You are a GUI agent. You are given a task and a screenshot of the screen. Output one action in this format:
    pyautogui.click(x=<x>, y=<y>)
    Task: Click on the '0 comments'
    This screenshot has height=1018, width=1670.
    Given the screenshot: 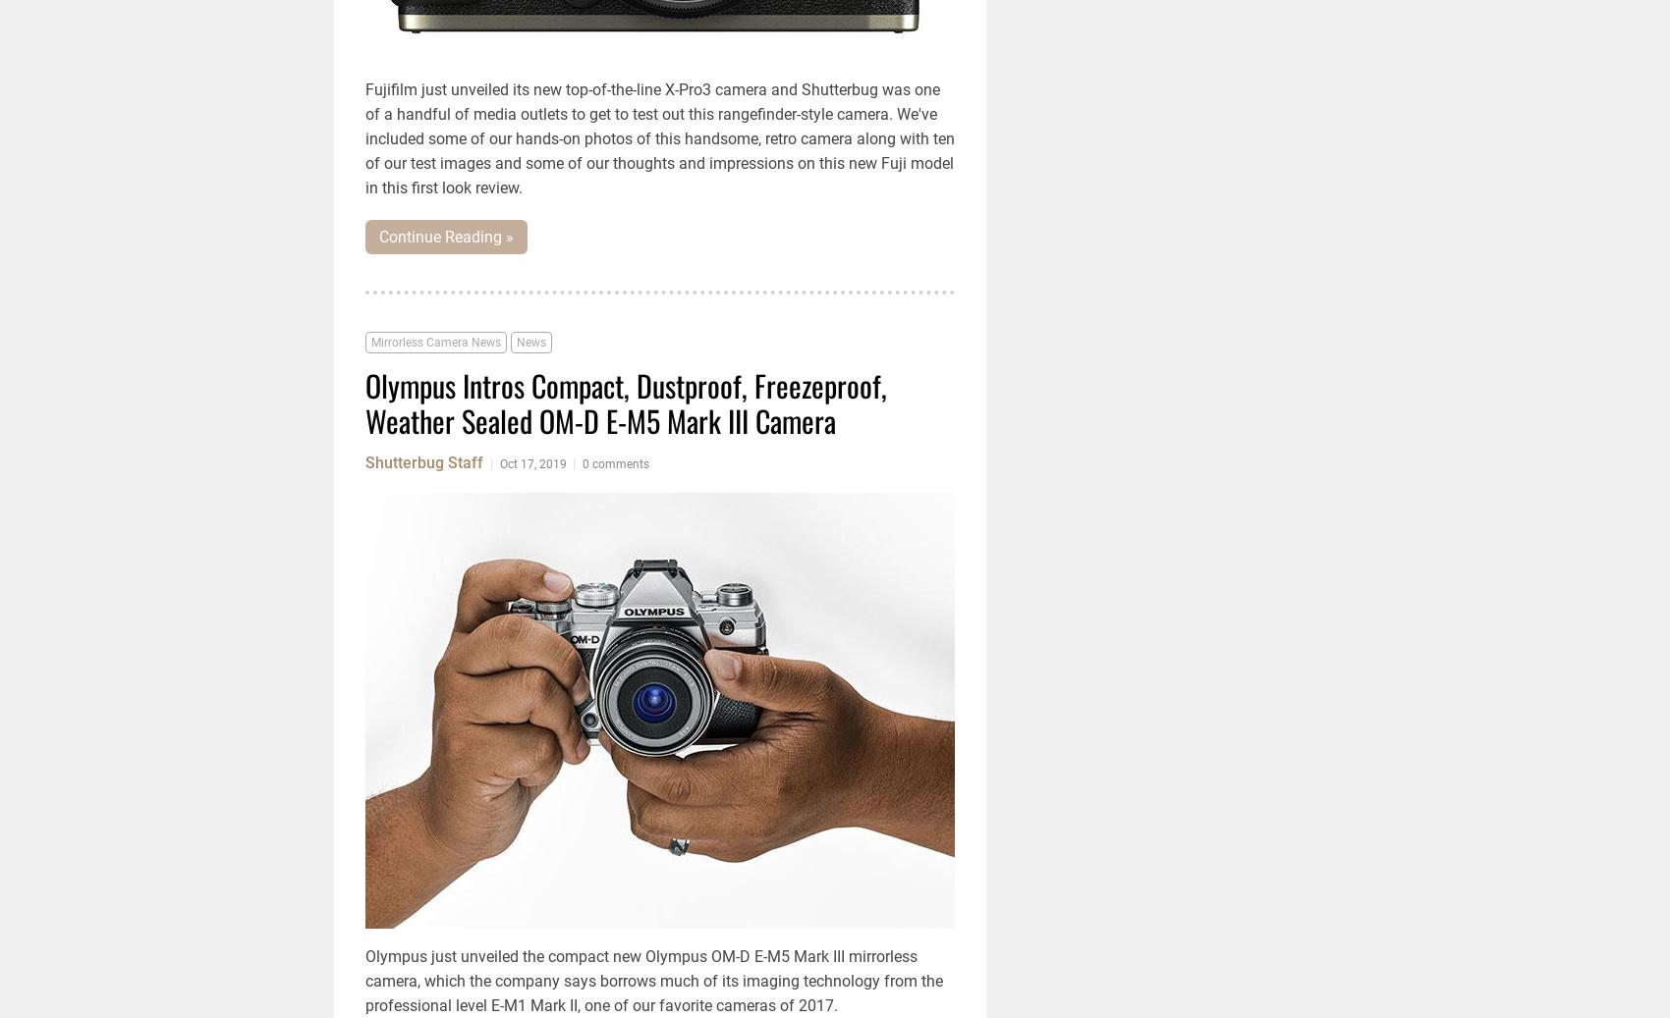 What is the action you would take?
    pyautogui.click(x=614, y=462)
    